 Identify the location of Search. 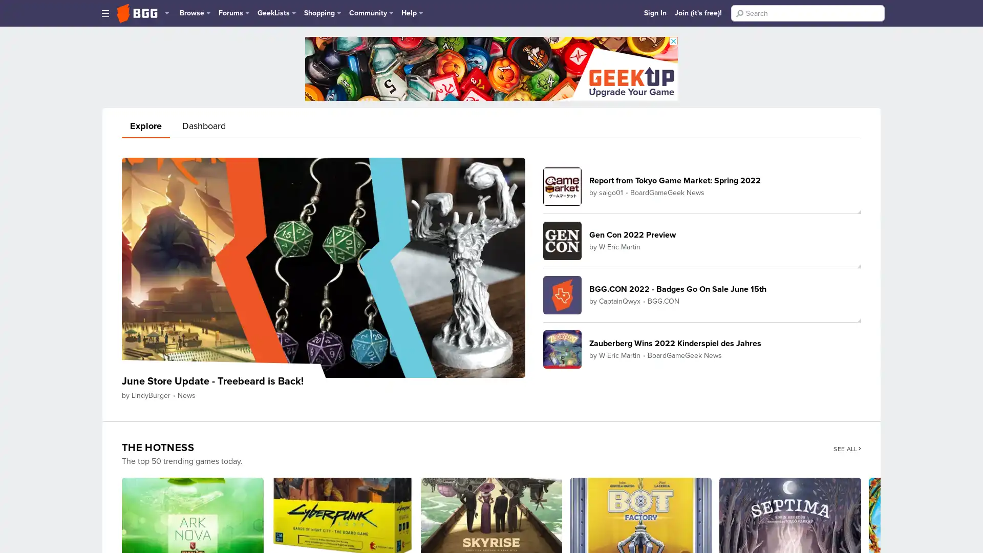
(738, 13).